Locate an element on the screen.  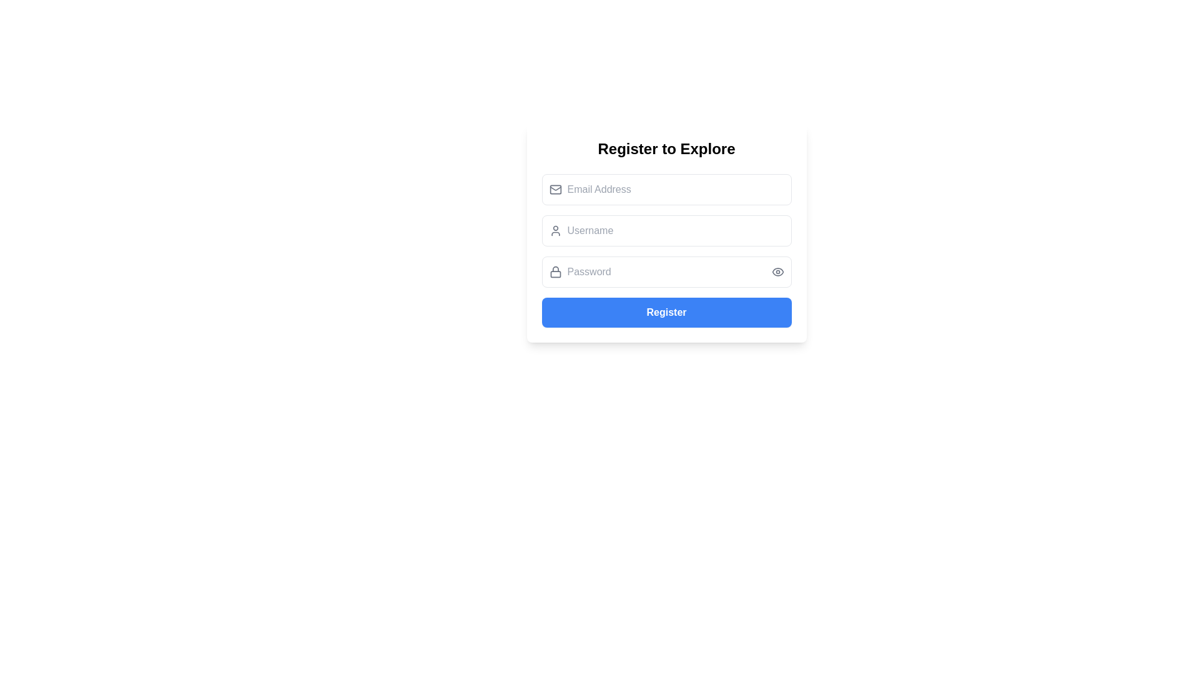
the eye icon is located at coordinates (777, 271).